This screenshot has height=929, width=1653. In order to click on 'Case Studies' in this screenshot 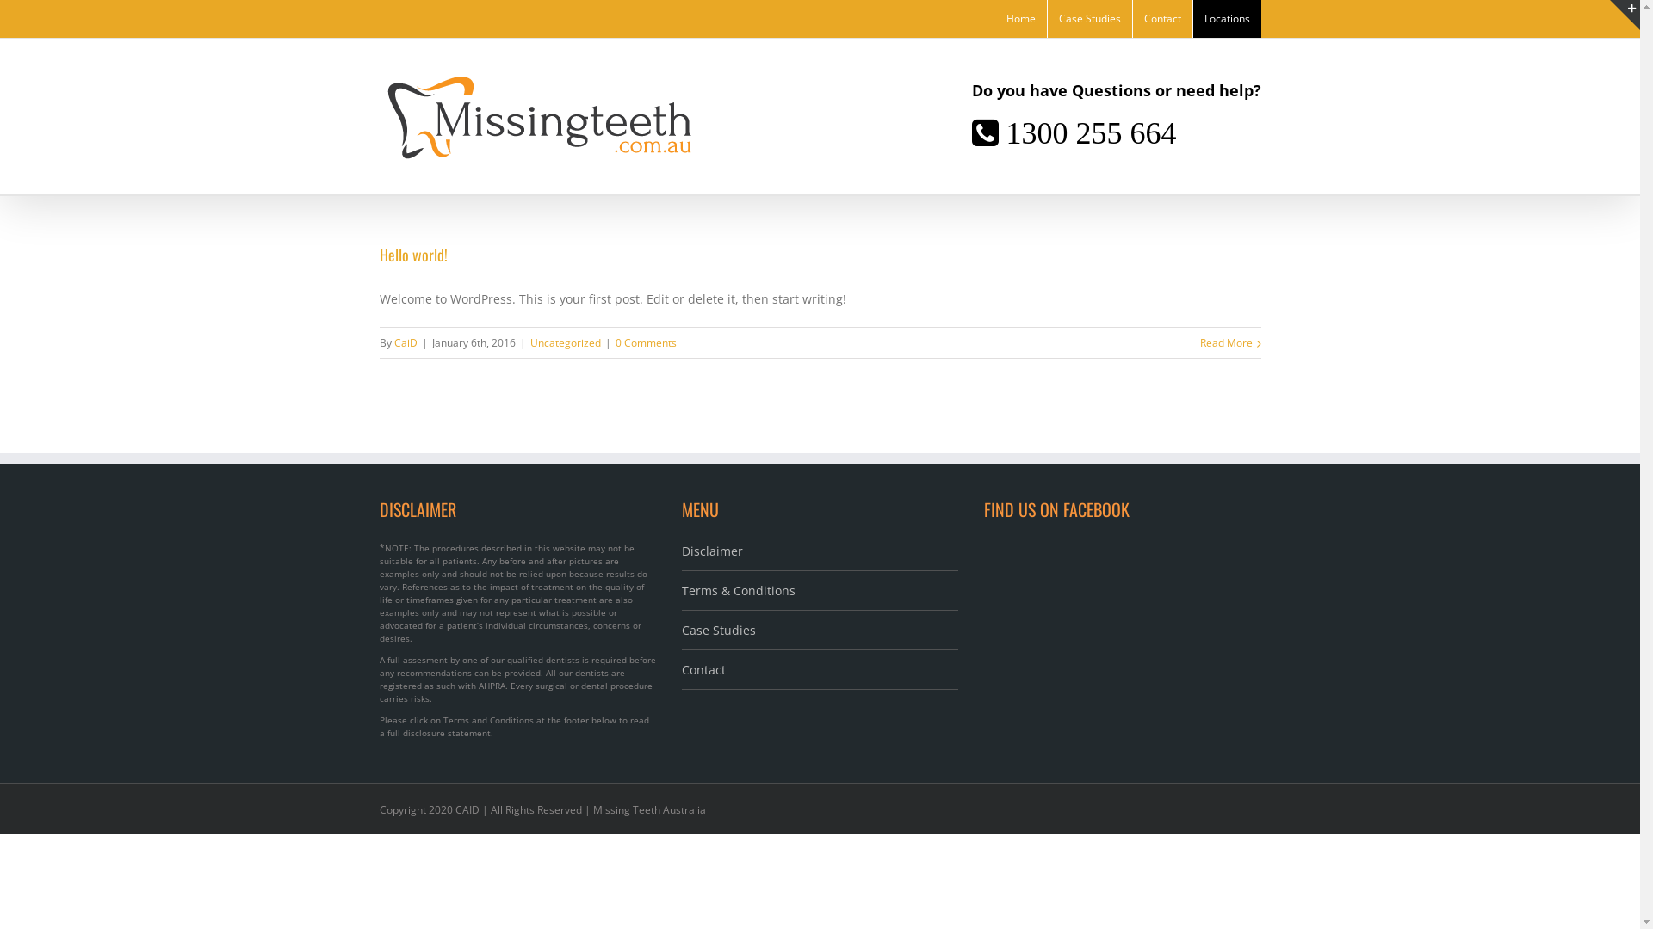, I will do `click(819, 630)`.